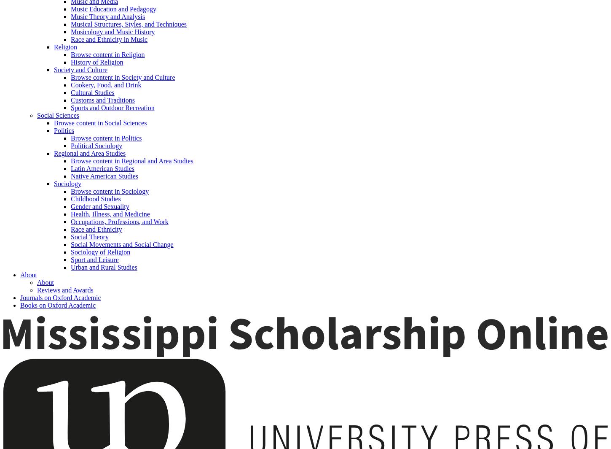 Image resolution: width=611 pixels, height=449 pixels. What do you see at coordinates (63, 130) in the screenshot?
I see `'Politics'` at bounding box center [63, 130].